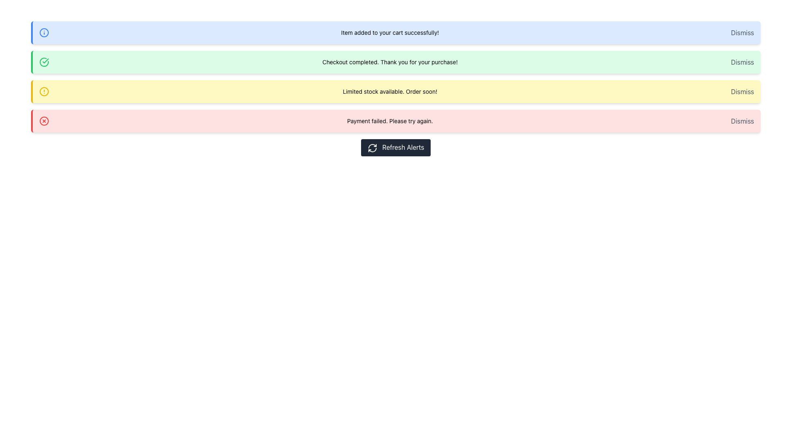 This screenshot has width=786, height=442. Describe the element at coordinates (44, 32) in the screenshot. I see `the informational icon located at the leftmost end of the blue-colored notification bar, which serves as a visual cue for the notification` at that location.